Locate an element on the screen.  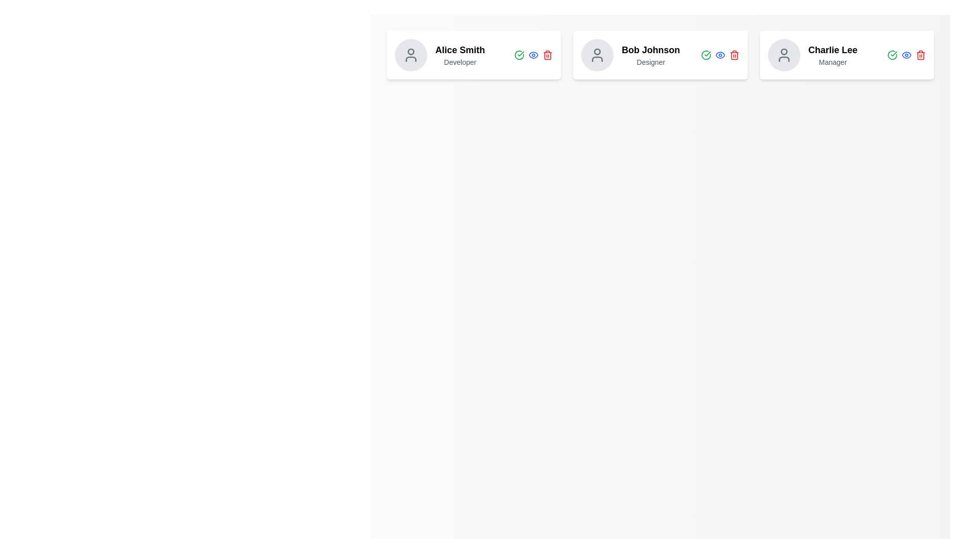
text displayed in the text block that shows the name and position of the user, which is located to the far right of a row of three cards, centered below the profile image icon is located at coordinates (833, 55).